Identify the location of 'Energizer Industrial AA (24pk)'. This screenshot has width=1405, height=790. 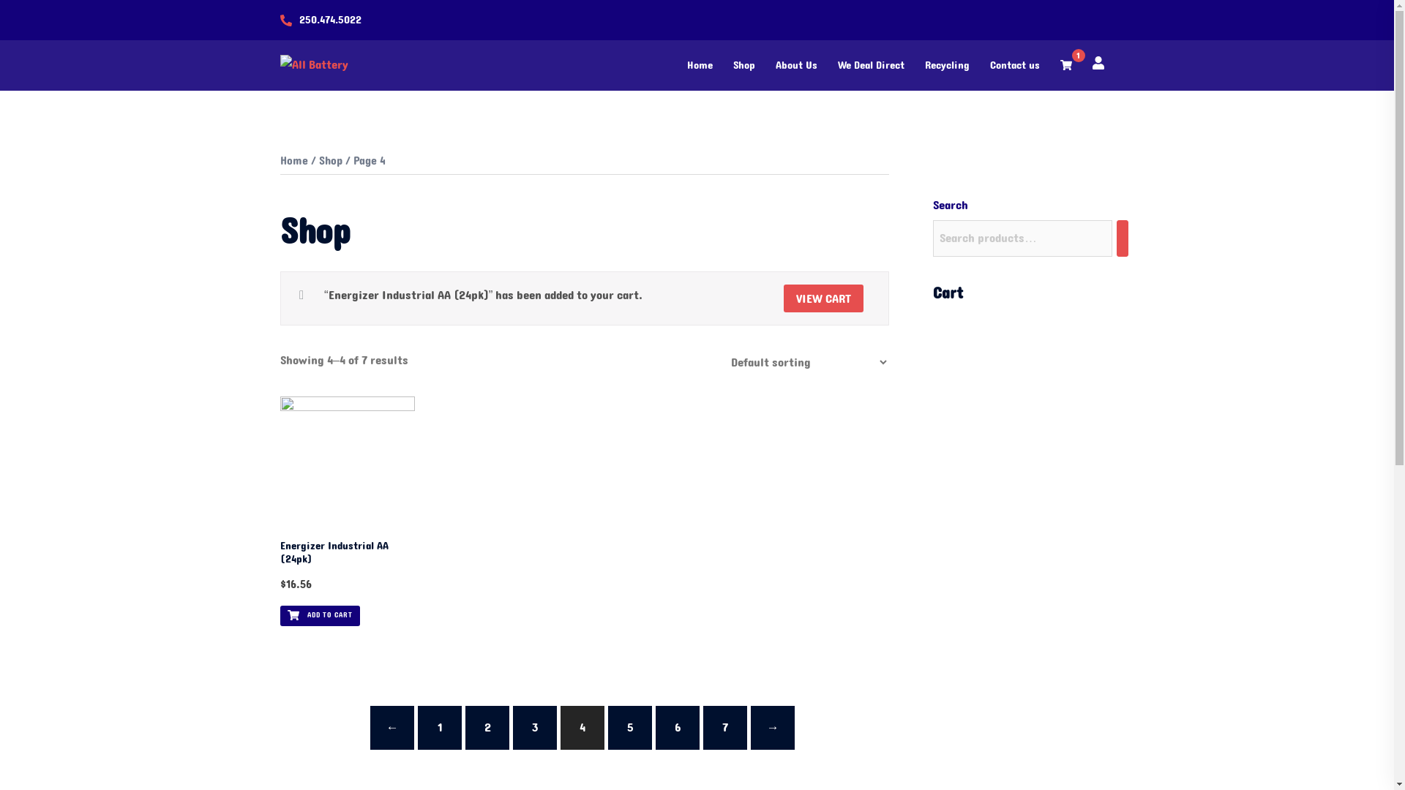
(346, 553).